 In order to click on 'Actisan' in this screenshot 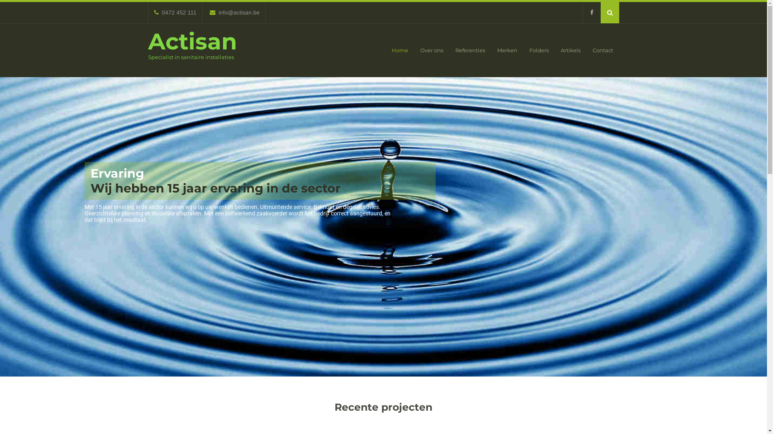, I will do `click(148, 41)`.